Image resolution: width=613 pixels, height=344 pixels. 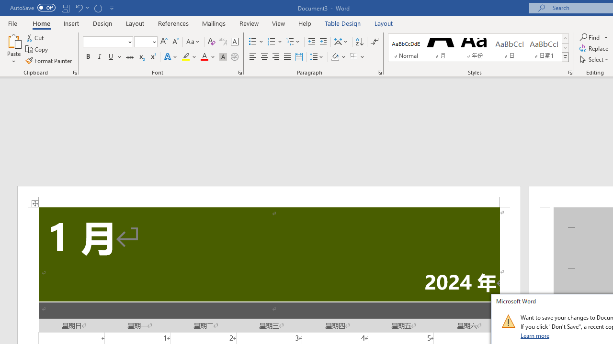 What do you see at coordinates (478, 48) in the screenshot?
I see `'AutomationID: QuickStylesGallery'` at bounding box center [478, 48].